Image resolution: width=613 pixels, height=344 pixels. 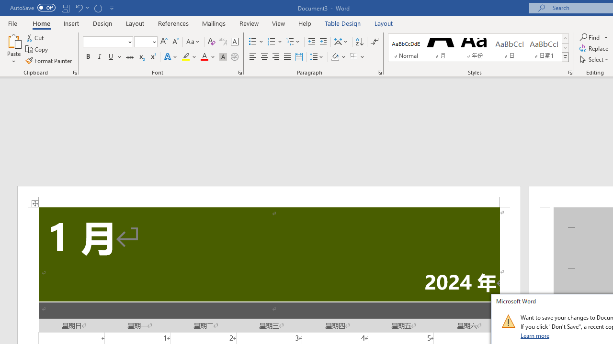 What do you see at coordinates (478, 48) in the screenshot?
I see `'AutomationID: QuickStylesGallery'` at bounding box center [478, 48].